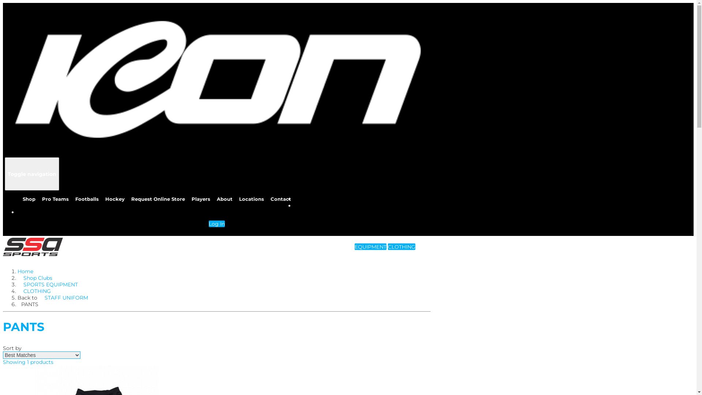 The width and height of the screenshot is (702, 395). What do you see at coordinates (66, 297) in the screenshot?
I see `'STAFF UNIFORM'` at bounding box center [66, 297].